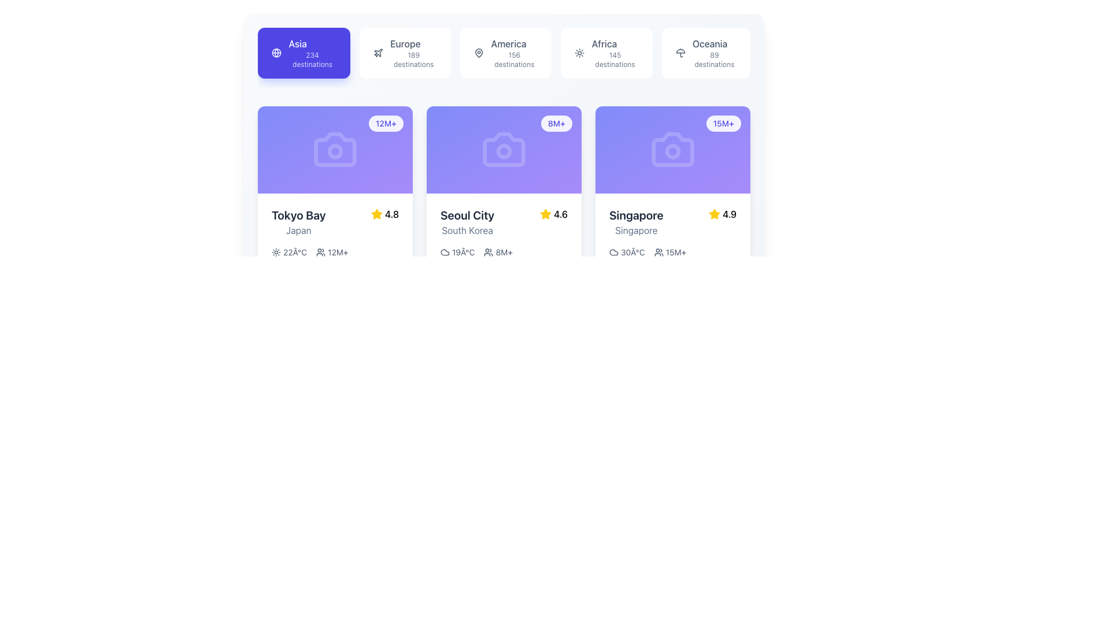 The height and width of the screenshot is (624, 1110). I want to click on the informational label with weather and people icons displaying '22°C' and '12M+' located beneath the 'Tokyo Bay' title, so click(335, 251).